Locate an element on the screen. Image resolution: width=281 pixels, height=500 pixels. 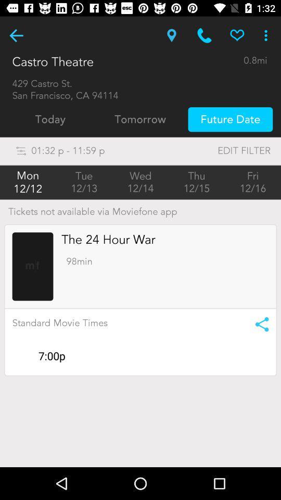
the icon to the right of the 01 32 p icon is located at coordinates (222, 150).